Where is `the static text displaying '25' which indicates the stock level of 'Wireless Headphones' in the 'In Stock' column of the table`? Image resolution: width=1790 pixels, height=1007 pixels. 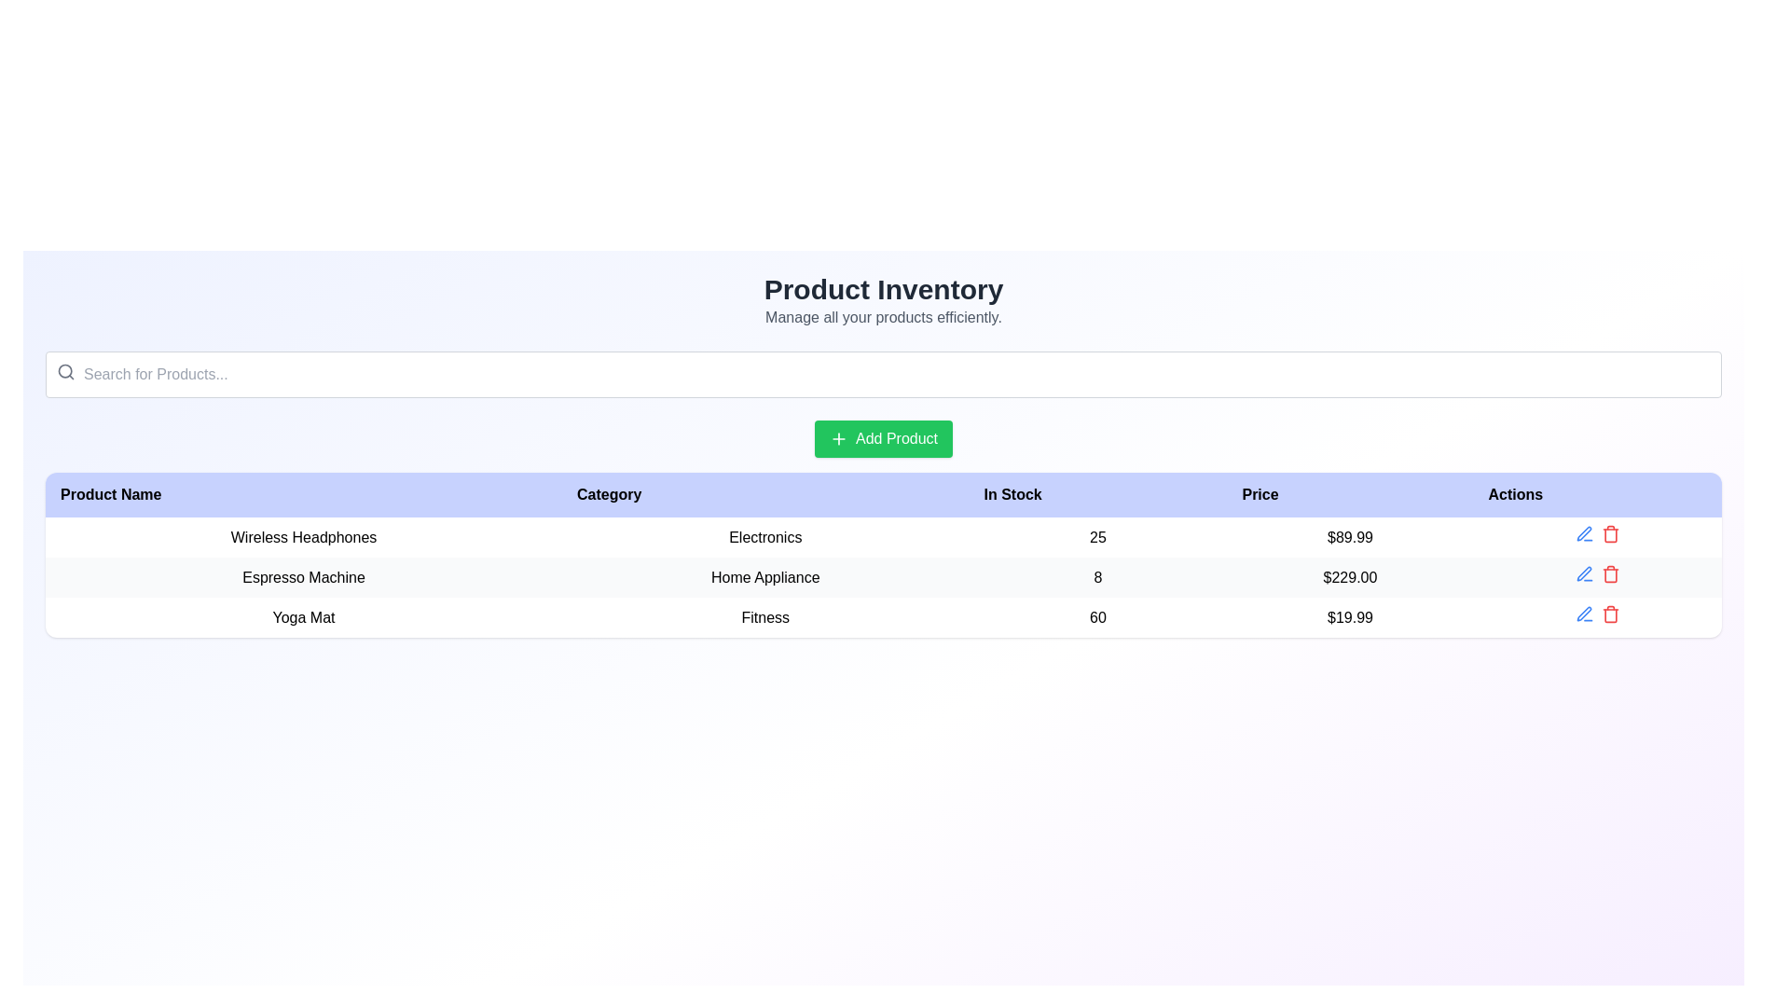
the static text displaying '25' which indicates the stock level of 'Wireless Headphones' in the 'In Stock' column of the table is located at coordinates (1097, 536).